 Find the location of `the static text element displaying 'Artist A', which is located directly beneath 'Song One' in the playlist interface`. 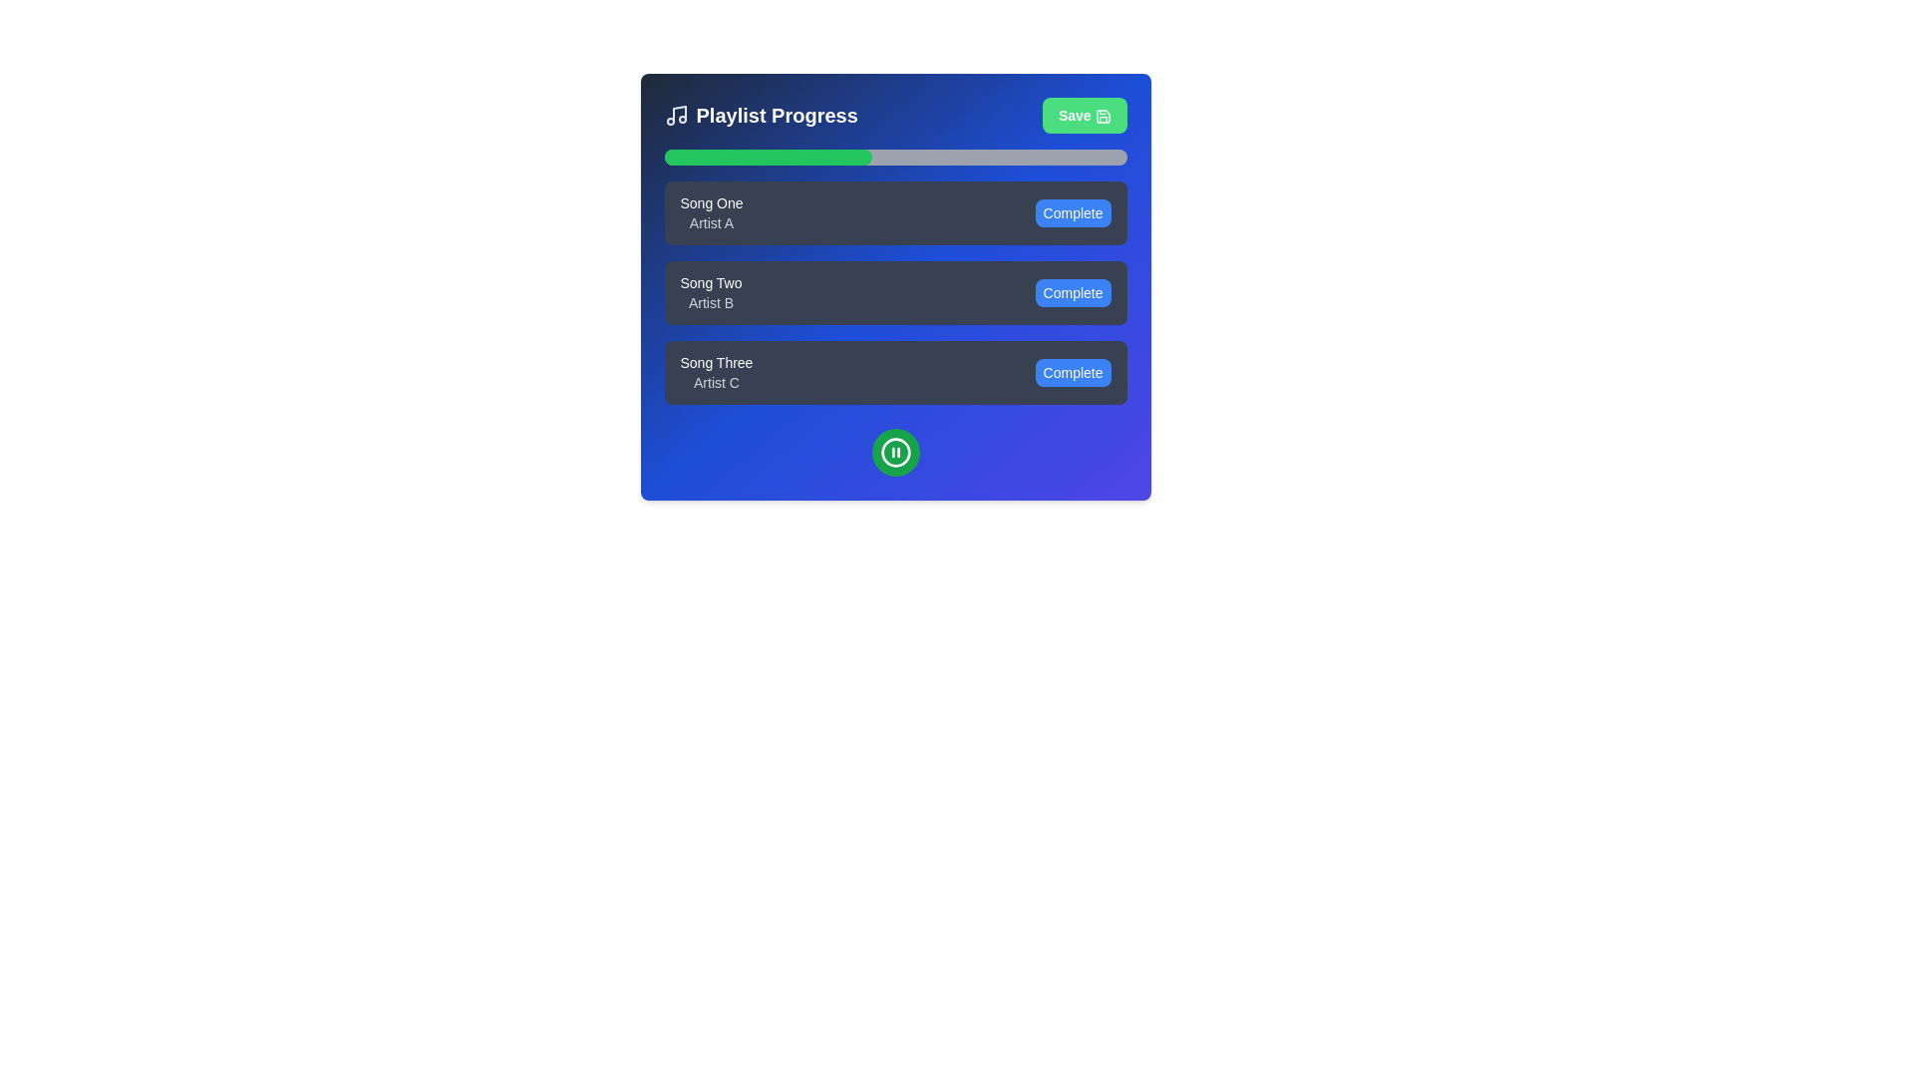

the static text element displaying 'Artist A', which is located directly beneath 'Song One' in the playlist interface is located at coordinates (712, 222).